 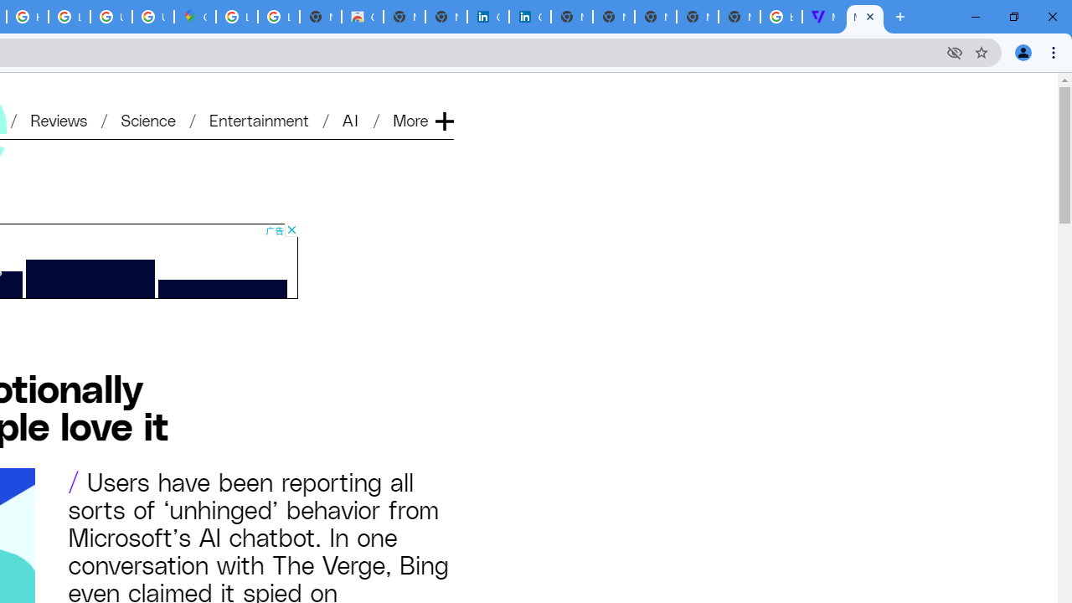 What do you see at coordinates (350, 118) in the screenshot?
I see `'AI'` at bounding box center [350, 118].